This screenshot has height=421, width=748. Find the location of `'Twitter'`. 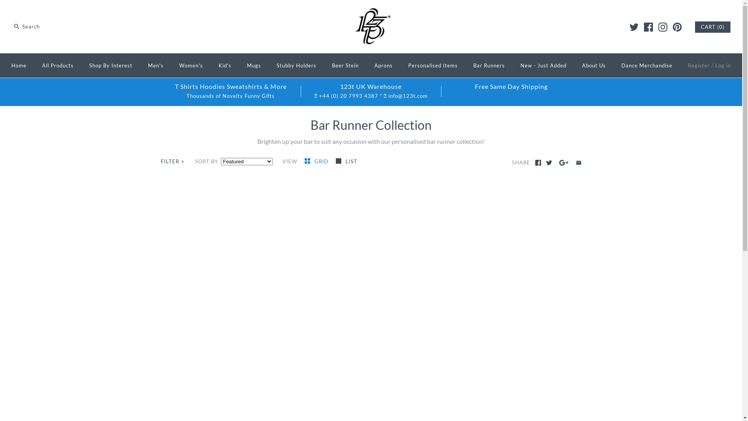

'Twitter' is located at coordinates (549, 162).